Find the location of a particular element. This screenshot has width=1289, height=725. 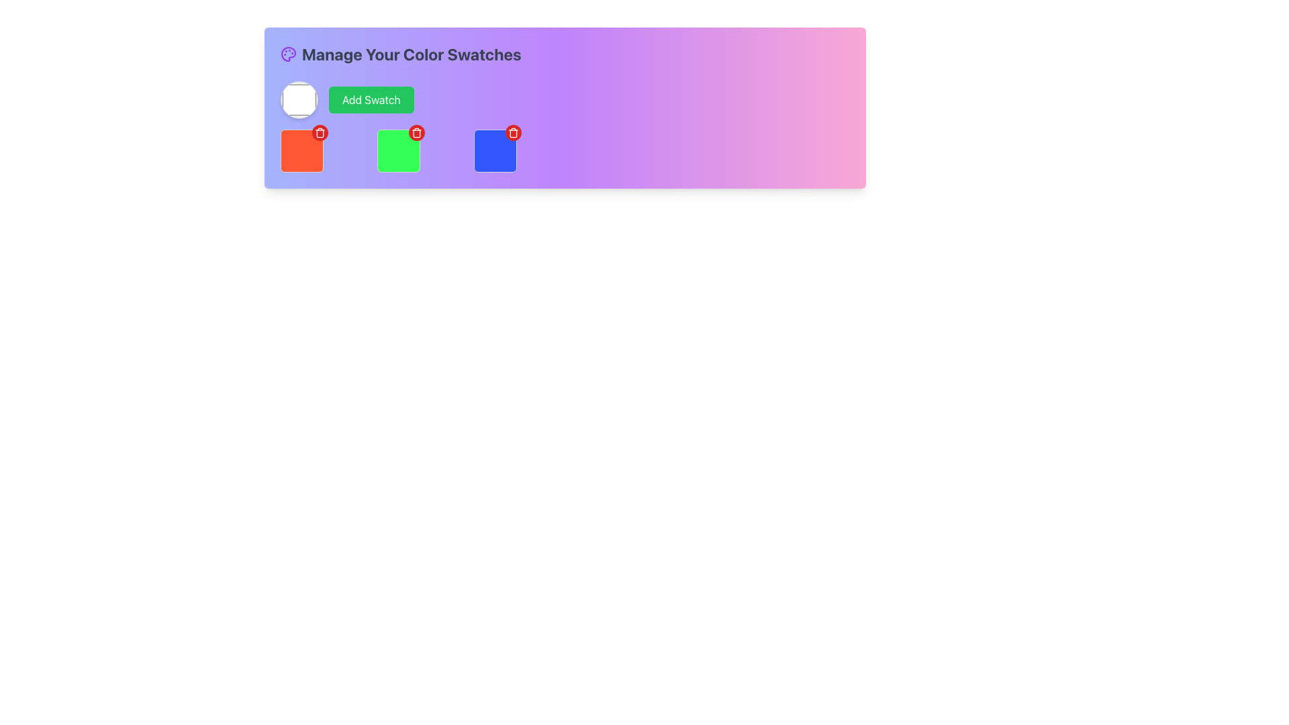

the delete button with an icon representing a delete action for the red color swatch is located at coordinates (319, 132).